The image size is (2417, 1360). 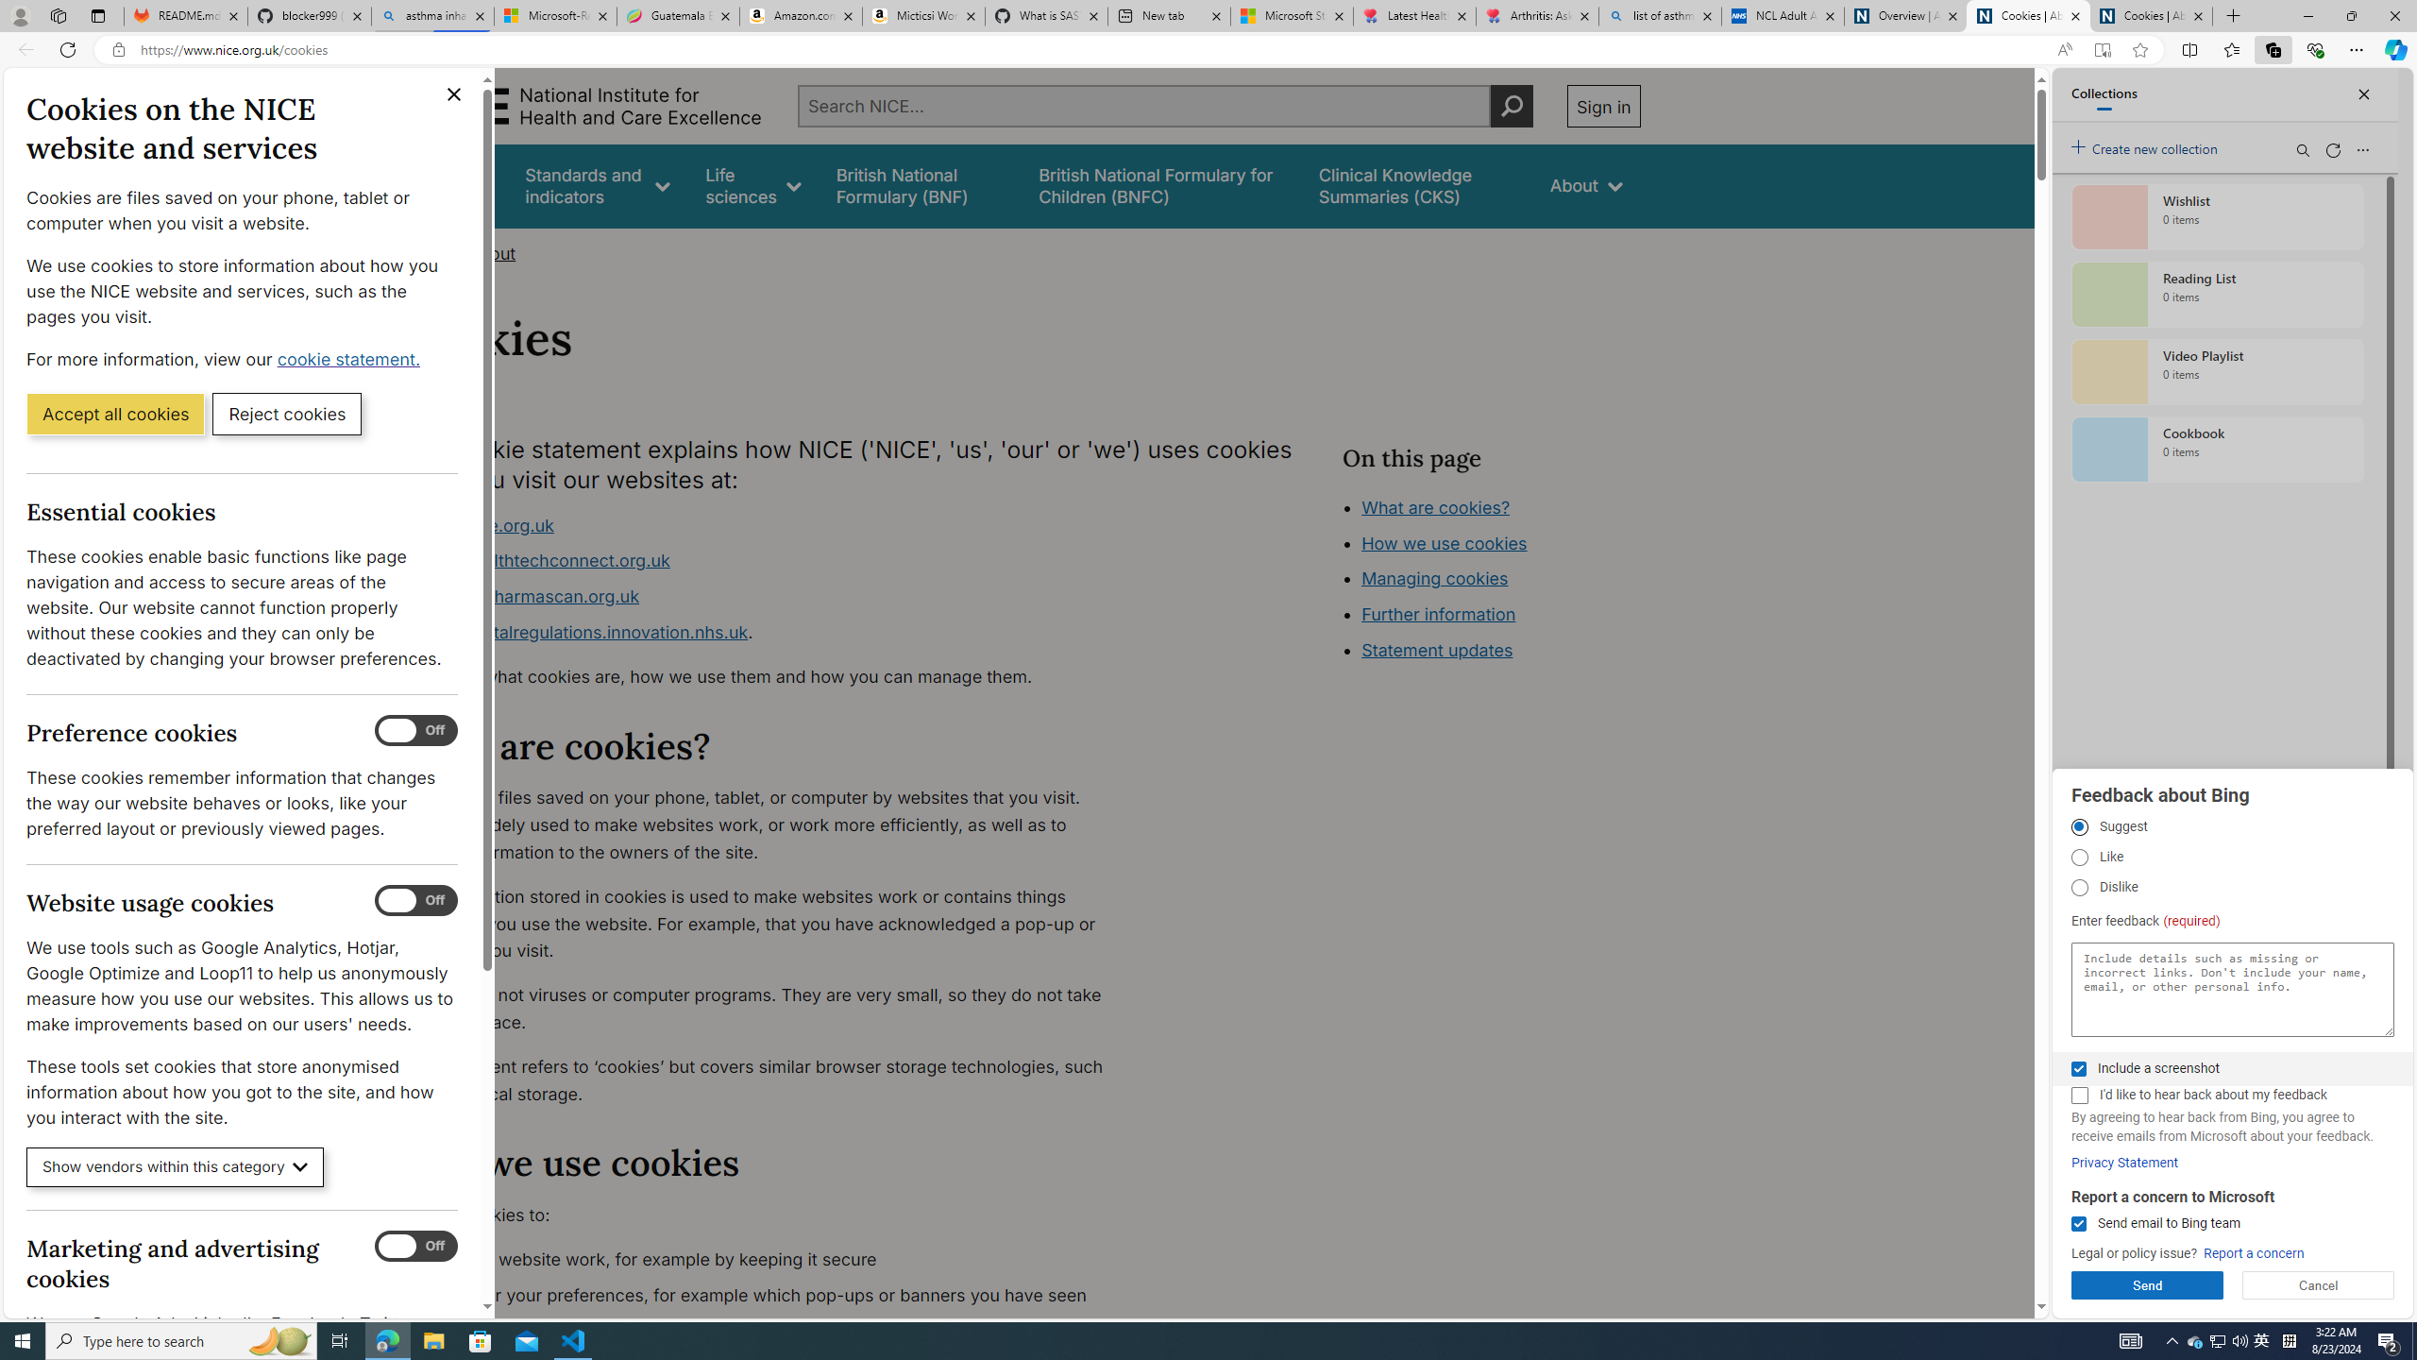 What do you see at coordinates (2147, 1284) in the screenshot?
I see `'Send'` at bounding box center [2147, 1284].